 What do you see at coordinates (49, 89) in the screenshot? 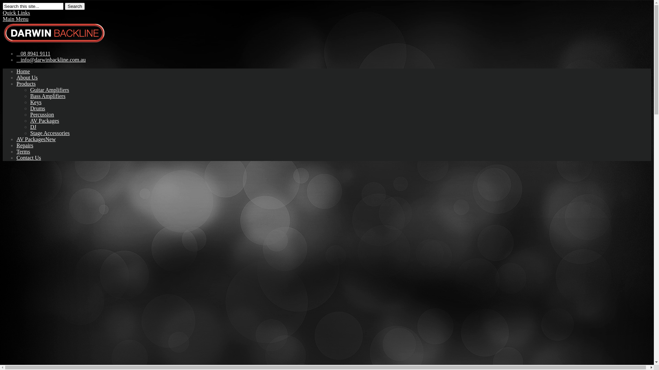
I see `'Guitar Amplifiers'` at bounding box center [49, 89].